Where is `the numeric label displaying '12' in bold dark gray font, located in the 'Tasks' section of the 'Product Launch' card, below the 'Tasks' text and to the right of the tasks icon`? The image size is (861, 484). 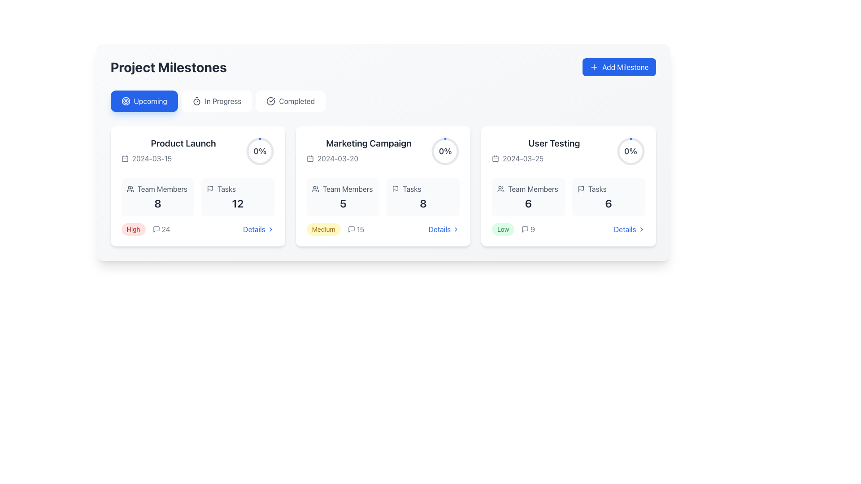
the numeric label displaying '12' in bold dark gray font, located in the 'Tasks' section of the 'Product Launch' card, below the 'Tasks' text and to the right of the tasks icon is located at coordinates (238, 203).